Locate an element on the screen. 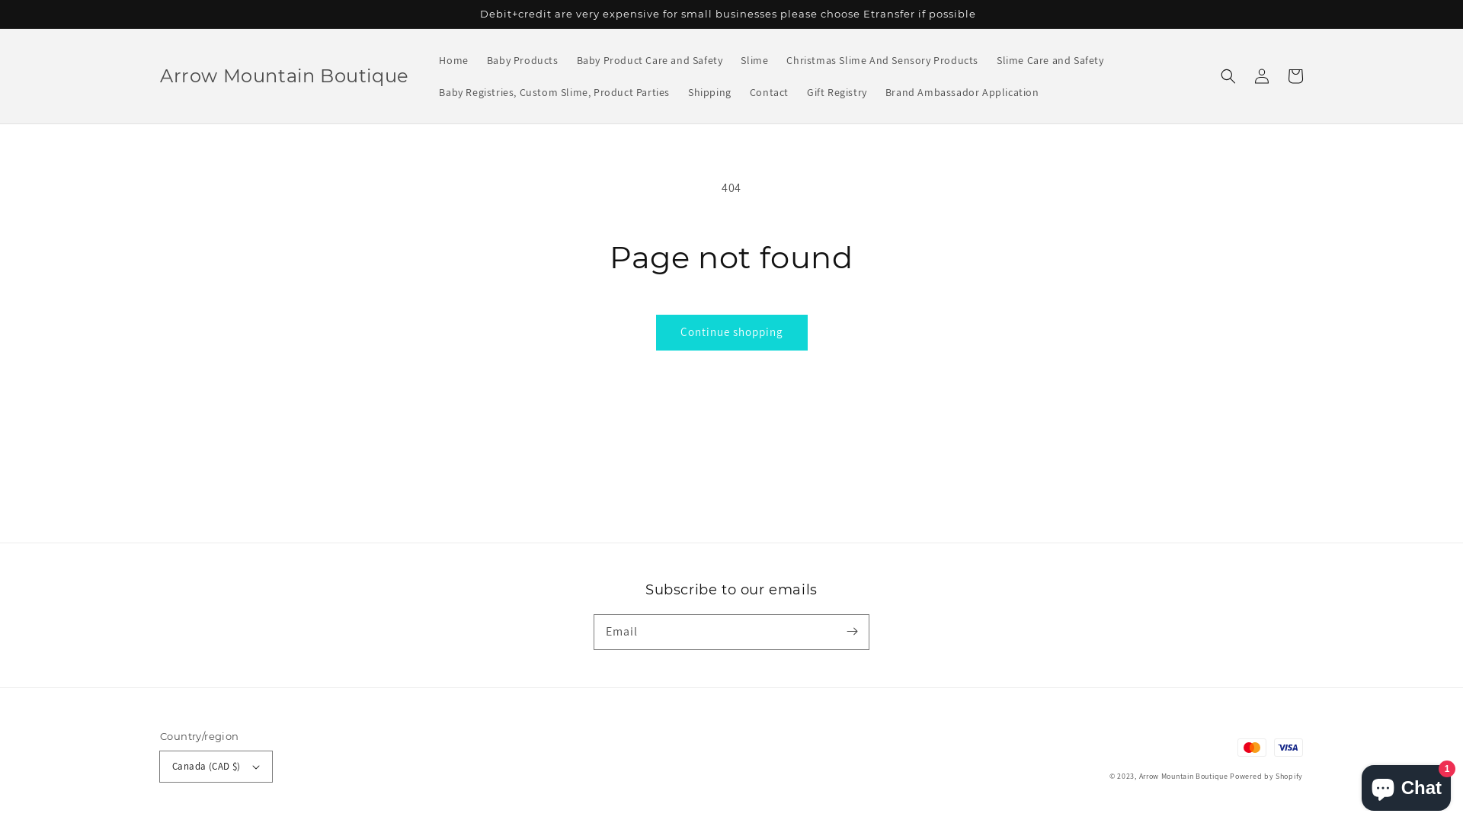 Image resolution: width=1463 pixels, height=823 pixels. 'Cart' is located at coordinates (1294, 76).